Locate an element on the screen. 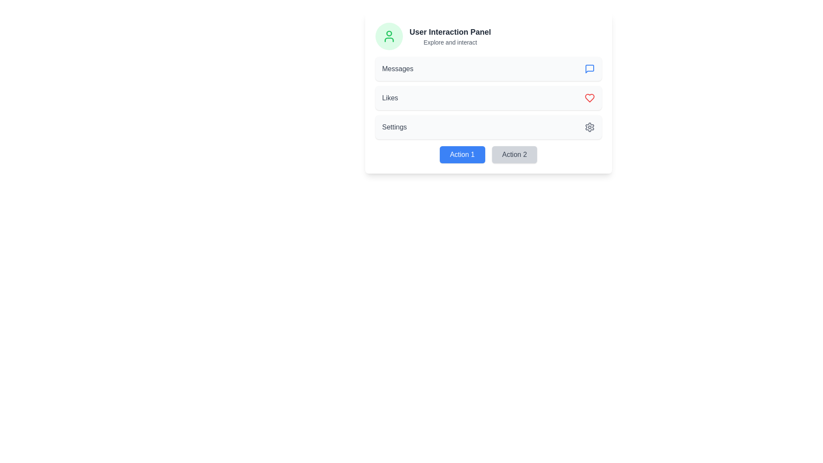  text from the Header containing a green circular icon and the bold text 'User Interaction Panel' followed by 'Explore and interact' is located at coordinates (488, 36).